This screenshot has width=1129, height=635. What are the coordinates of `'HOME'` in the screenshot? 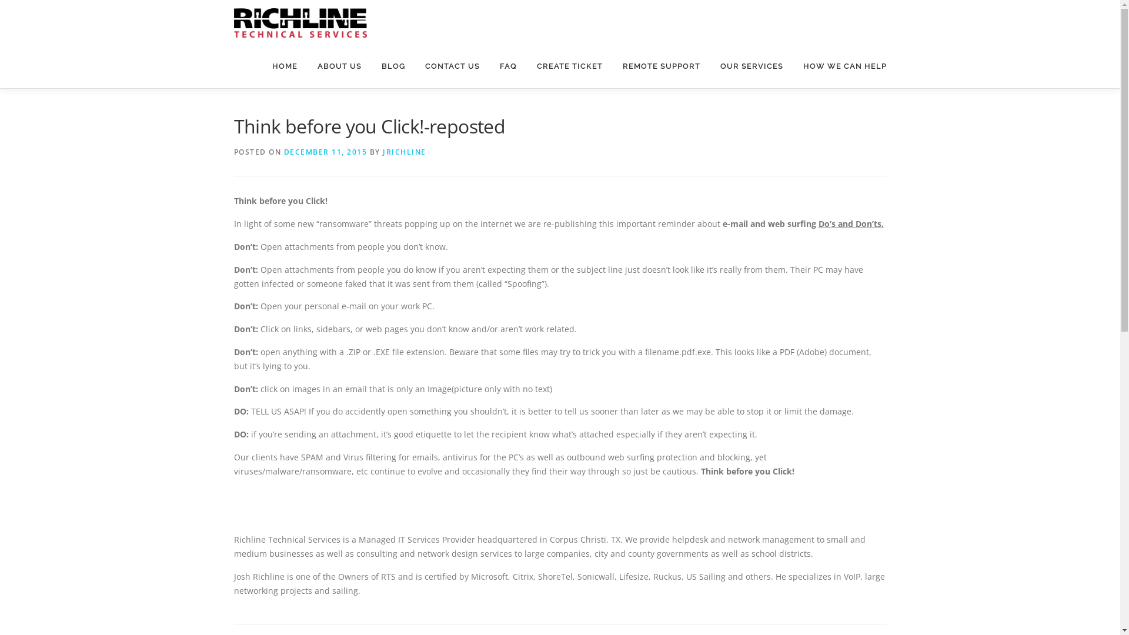 It's located at (285, 66).